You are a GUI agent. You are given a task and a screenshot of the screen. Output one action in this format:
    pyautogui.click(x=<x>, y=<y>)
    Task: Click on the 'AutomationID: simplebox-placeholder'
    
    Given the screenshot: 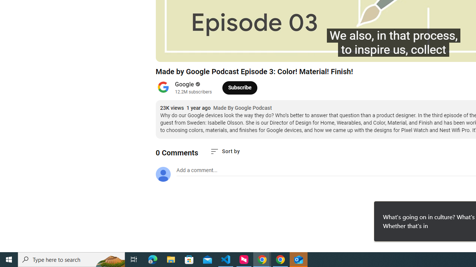 What is the action you would take?
    pyautogui.click(x=197, y=170)
    